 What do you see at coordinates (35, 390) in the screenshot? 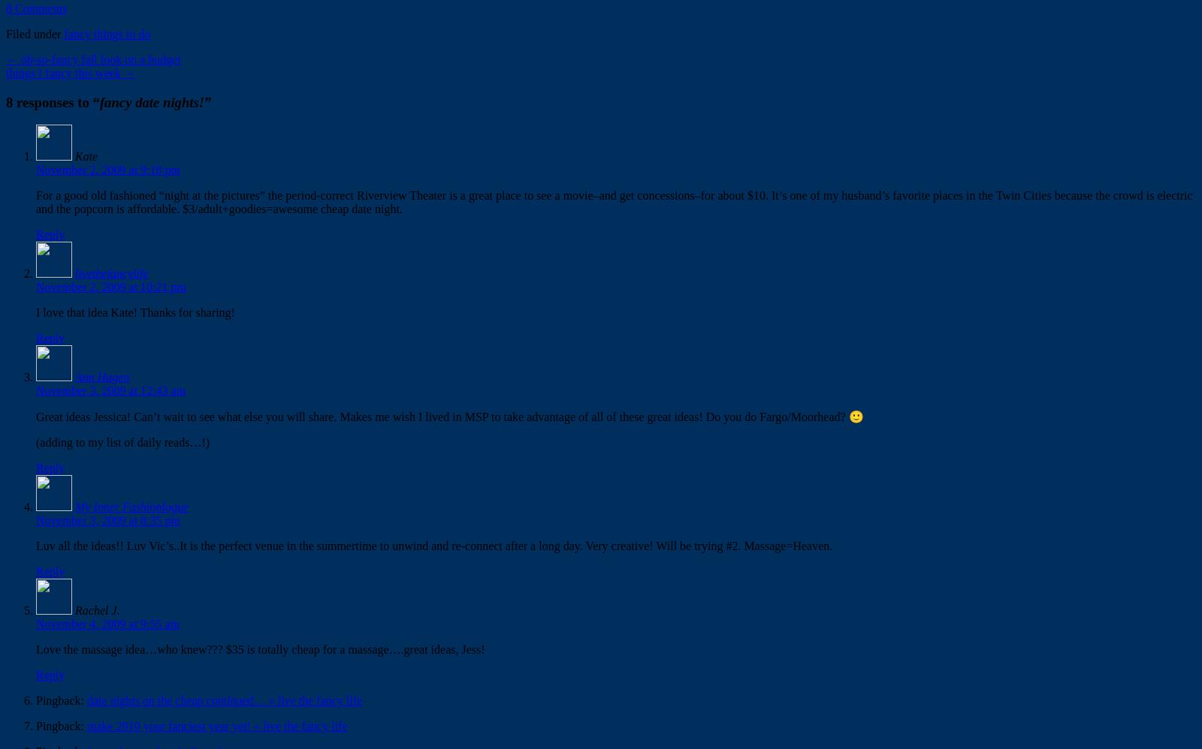
I see `'November 3, 2009 at 12:43 am'` at bounding box center [35, 390].